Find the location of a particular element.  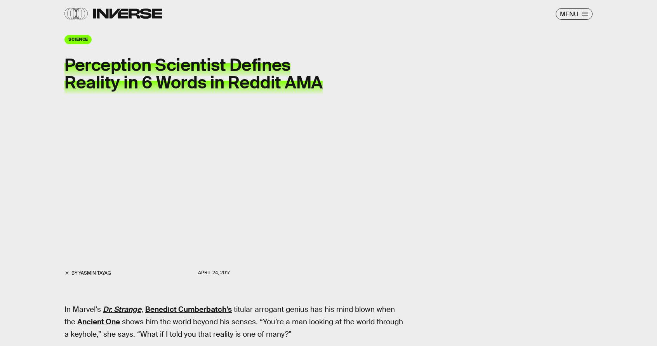

'Dr. Strange' is located at coordinates (122, 309).